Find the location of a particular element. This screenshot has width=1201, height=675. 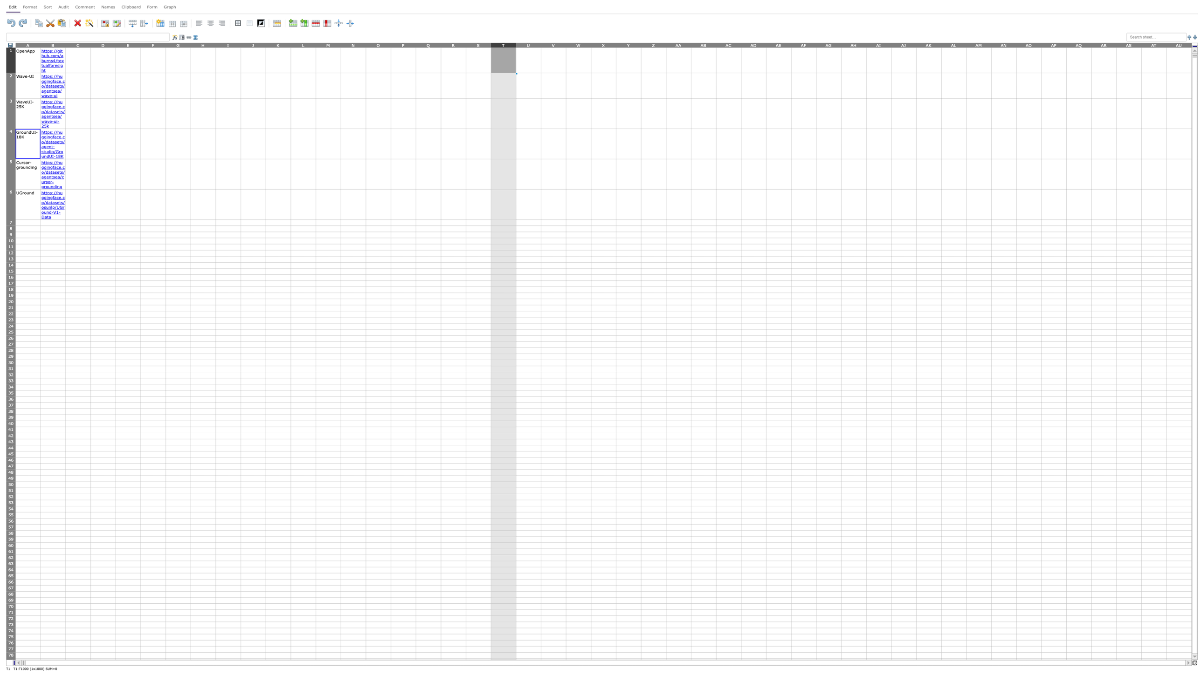

Move cursor to column V is located at coordinates (553, 44).